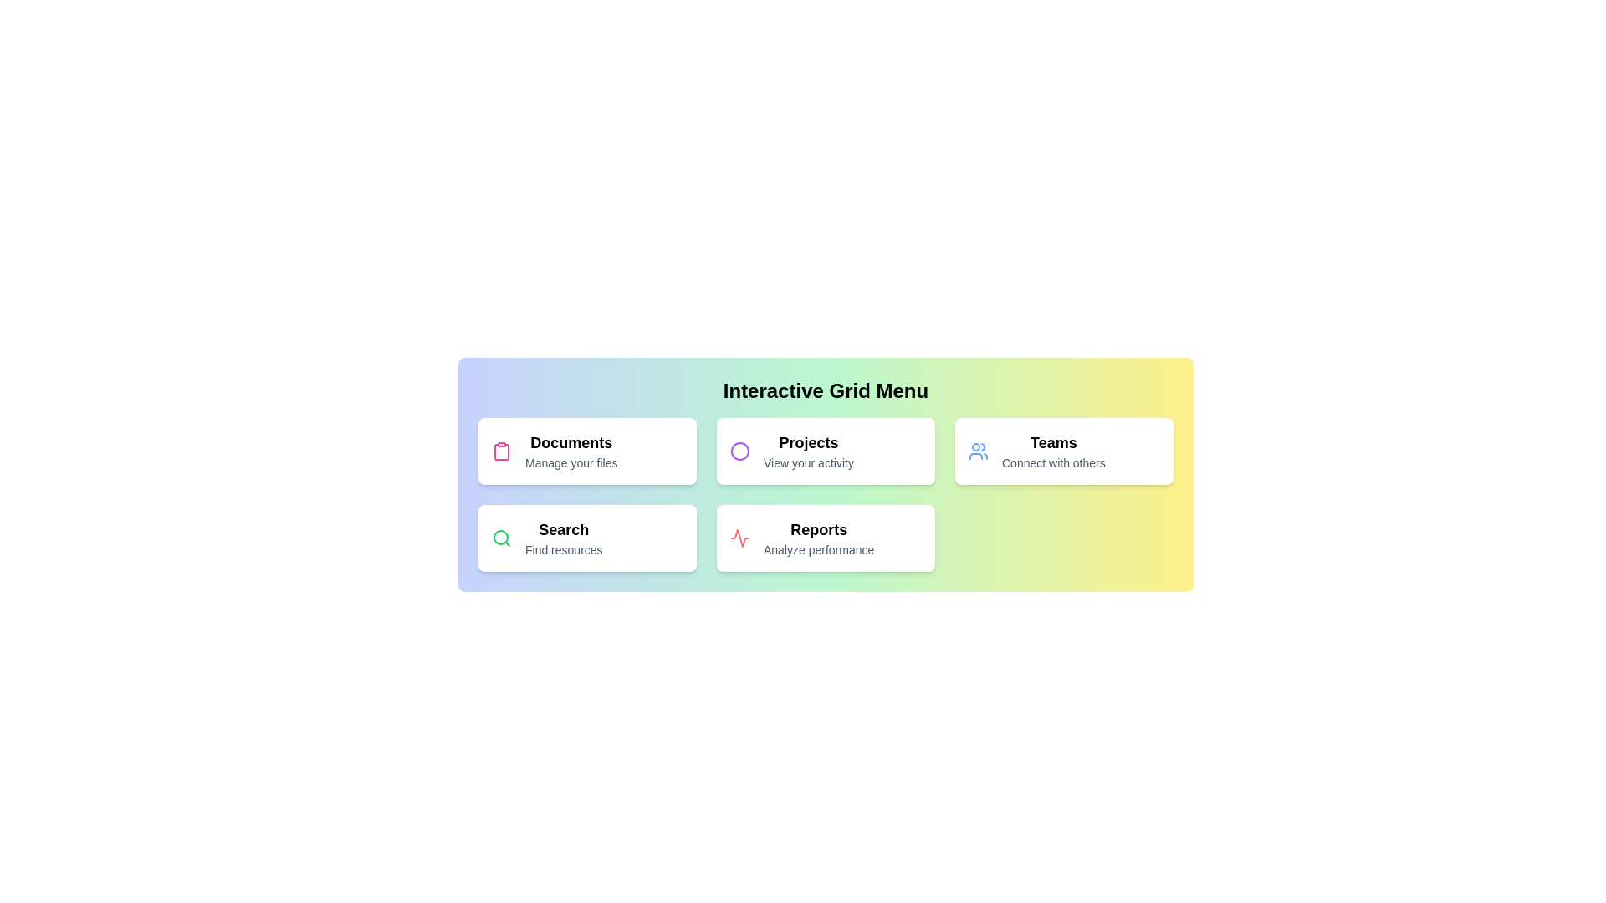 This screenshot has width=1606, height=903. I want to click on the grid item labeled Reports to observe the hover effect, so click(826, 538).